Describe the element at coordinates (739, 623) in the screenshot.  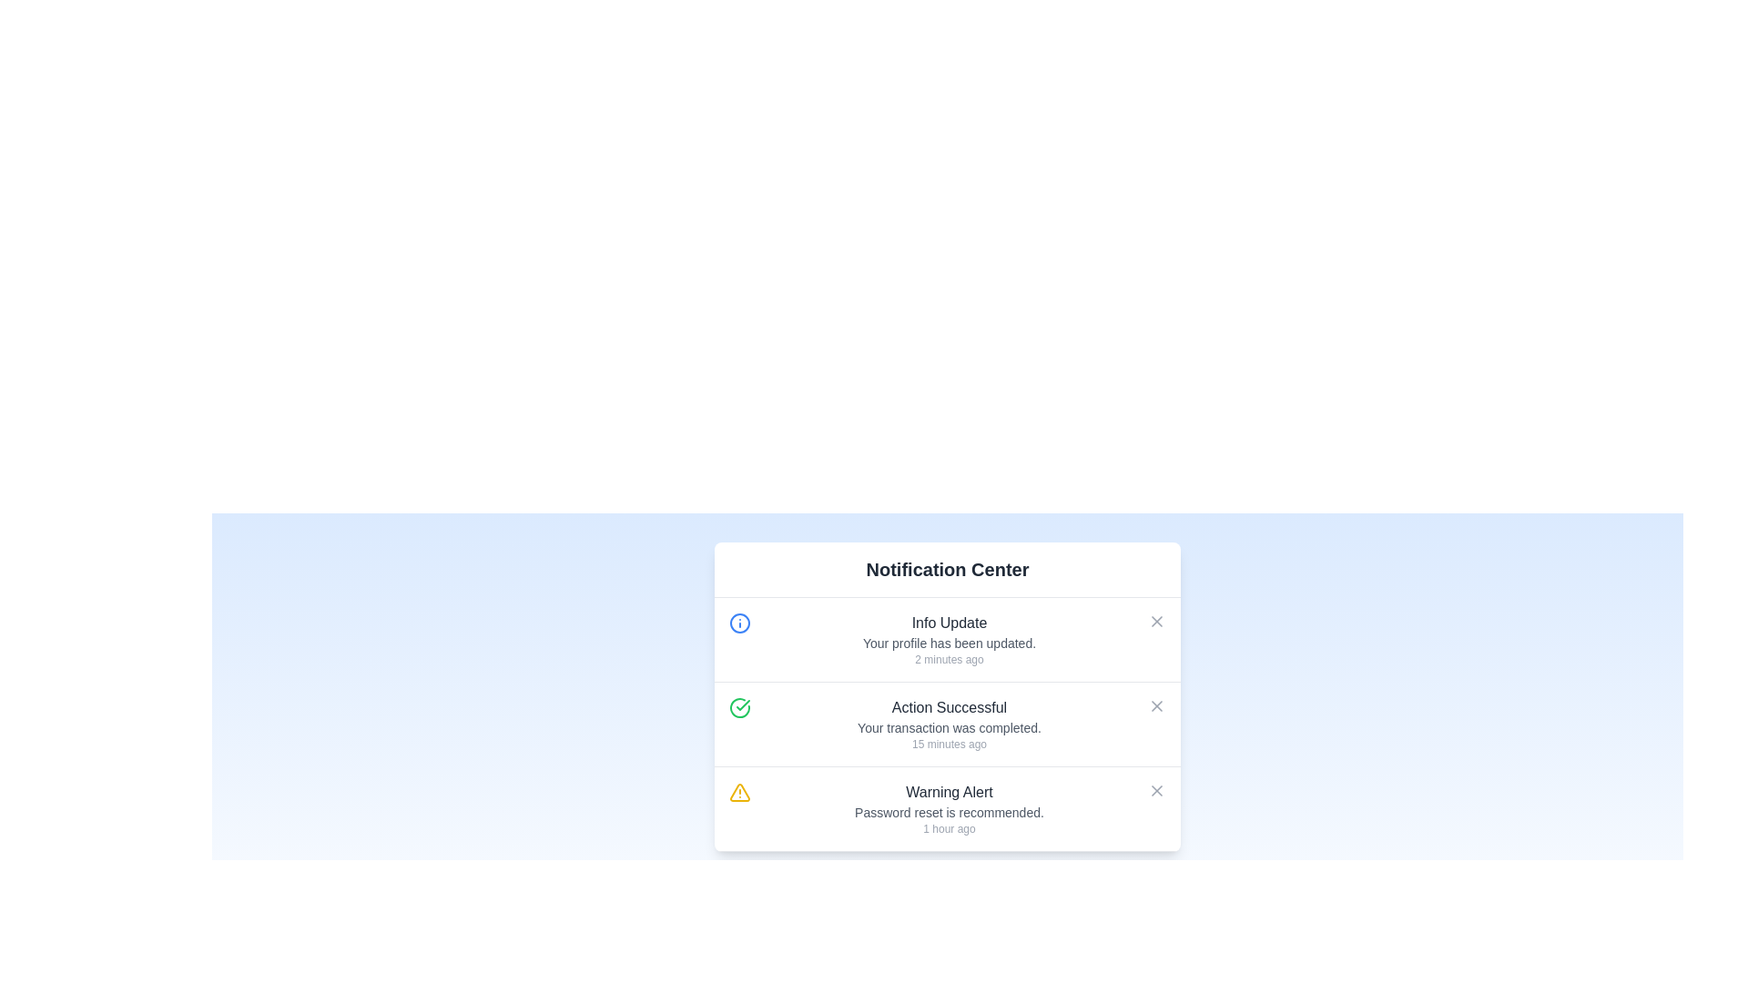
I see `the 'info' icon, which is a circular shape with a lowercase 'i' inside, featuring a blue border, located to the left of the 'Info Update' notification text` at that location.